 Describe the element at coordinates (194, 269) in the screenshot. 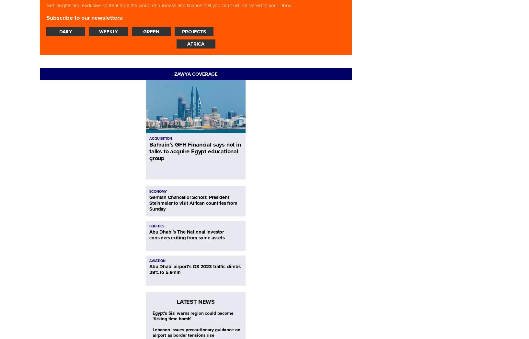

I see `'Abu Dhabi airport’s Q3 2023 traffic climbs 29% to 5.9mln'` at that location.